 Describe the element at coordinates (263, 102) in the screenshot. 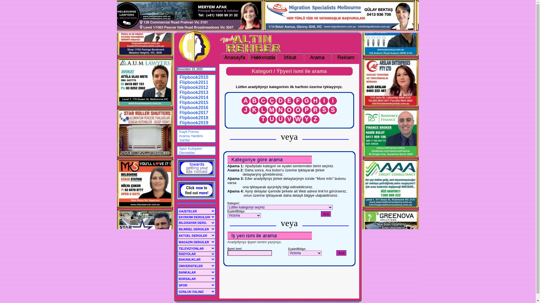

I see `'C'` at that location.